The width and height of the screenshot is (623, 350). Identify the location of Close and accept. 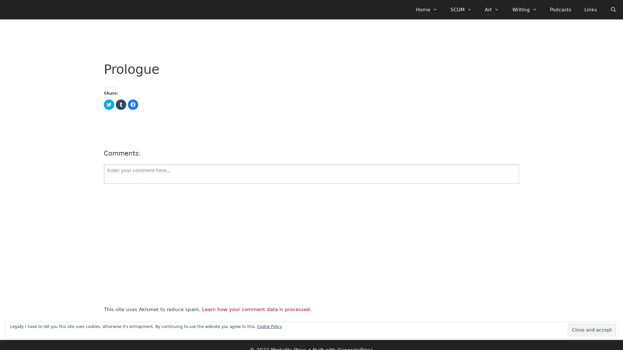
(592, 330).